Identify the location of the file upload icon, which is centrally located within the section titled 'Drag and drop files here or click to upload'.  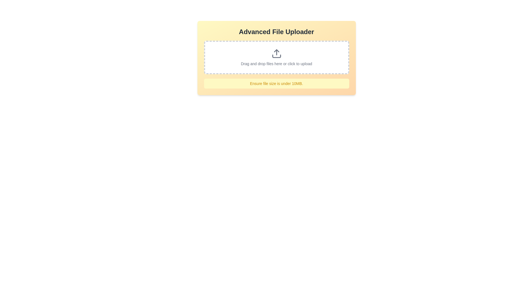
(276, 54).